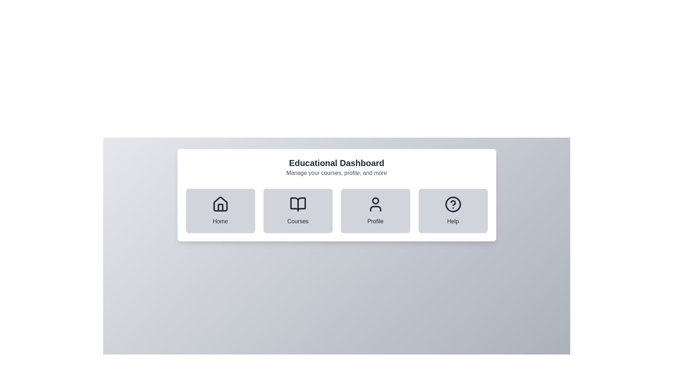 The image size is (683, 384). Describe the element at coordinates (220, 210) in the screenshot. I see `the navigational button located at the leftmost position of the first row in the grid layout` at that location.